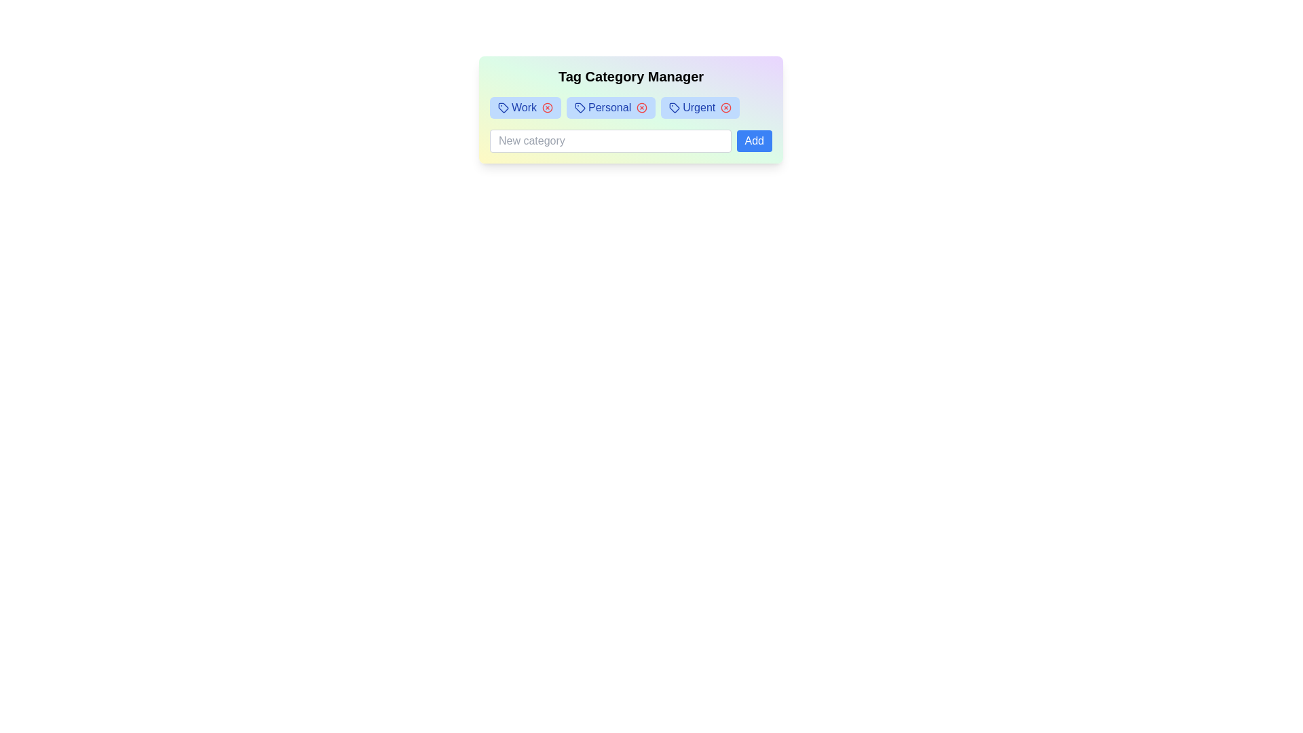 This screenshot has height=733, width=1303. I want to click on the close or delete button for the 'Personal' tag, so click(641, 107).